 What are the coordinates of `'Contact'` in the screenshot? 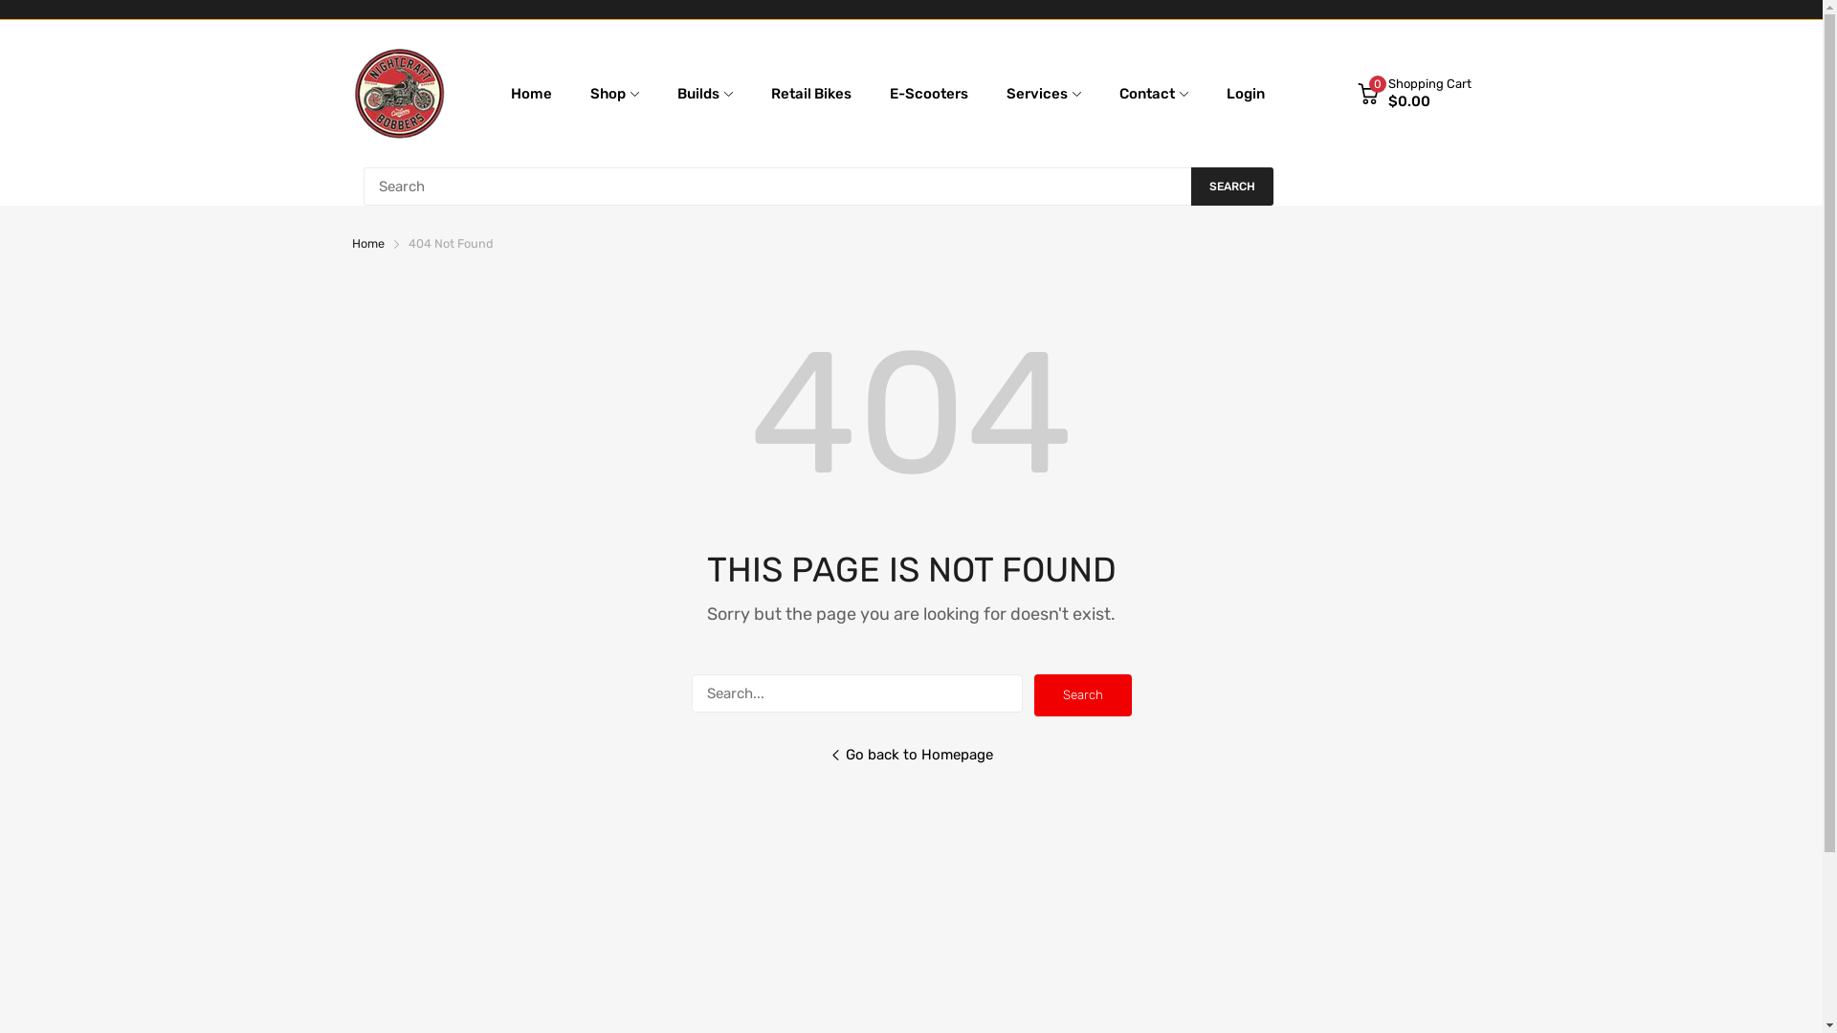 It's located at (1147, 93).